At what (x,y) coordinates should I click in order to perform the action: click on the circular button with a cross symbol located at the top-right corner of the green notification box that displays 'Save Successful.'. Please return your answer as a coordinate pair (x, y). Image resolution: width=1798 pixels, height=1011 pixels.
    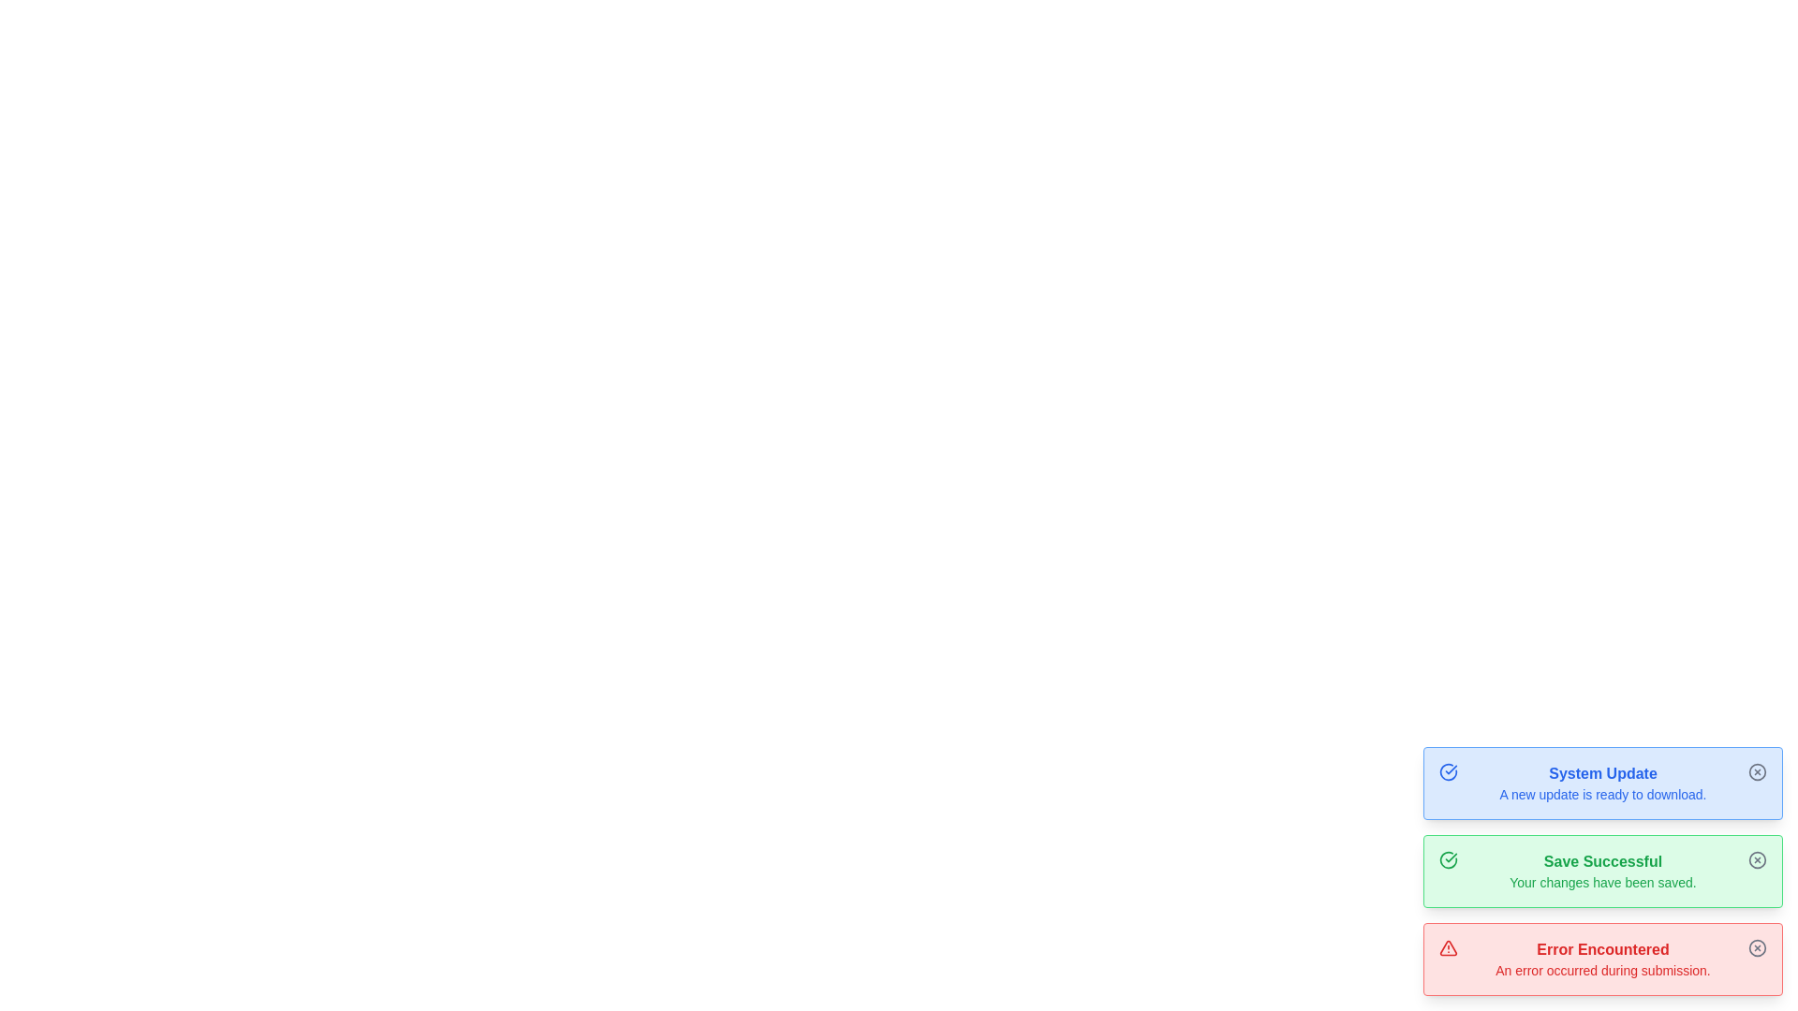
    Looking at the image, I should click on (1756, 859).